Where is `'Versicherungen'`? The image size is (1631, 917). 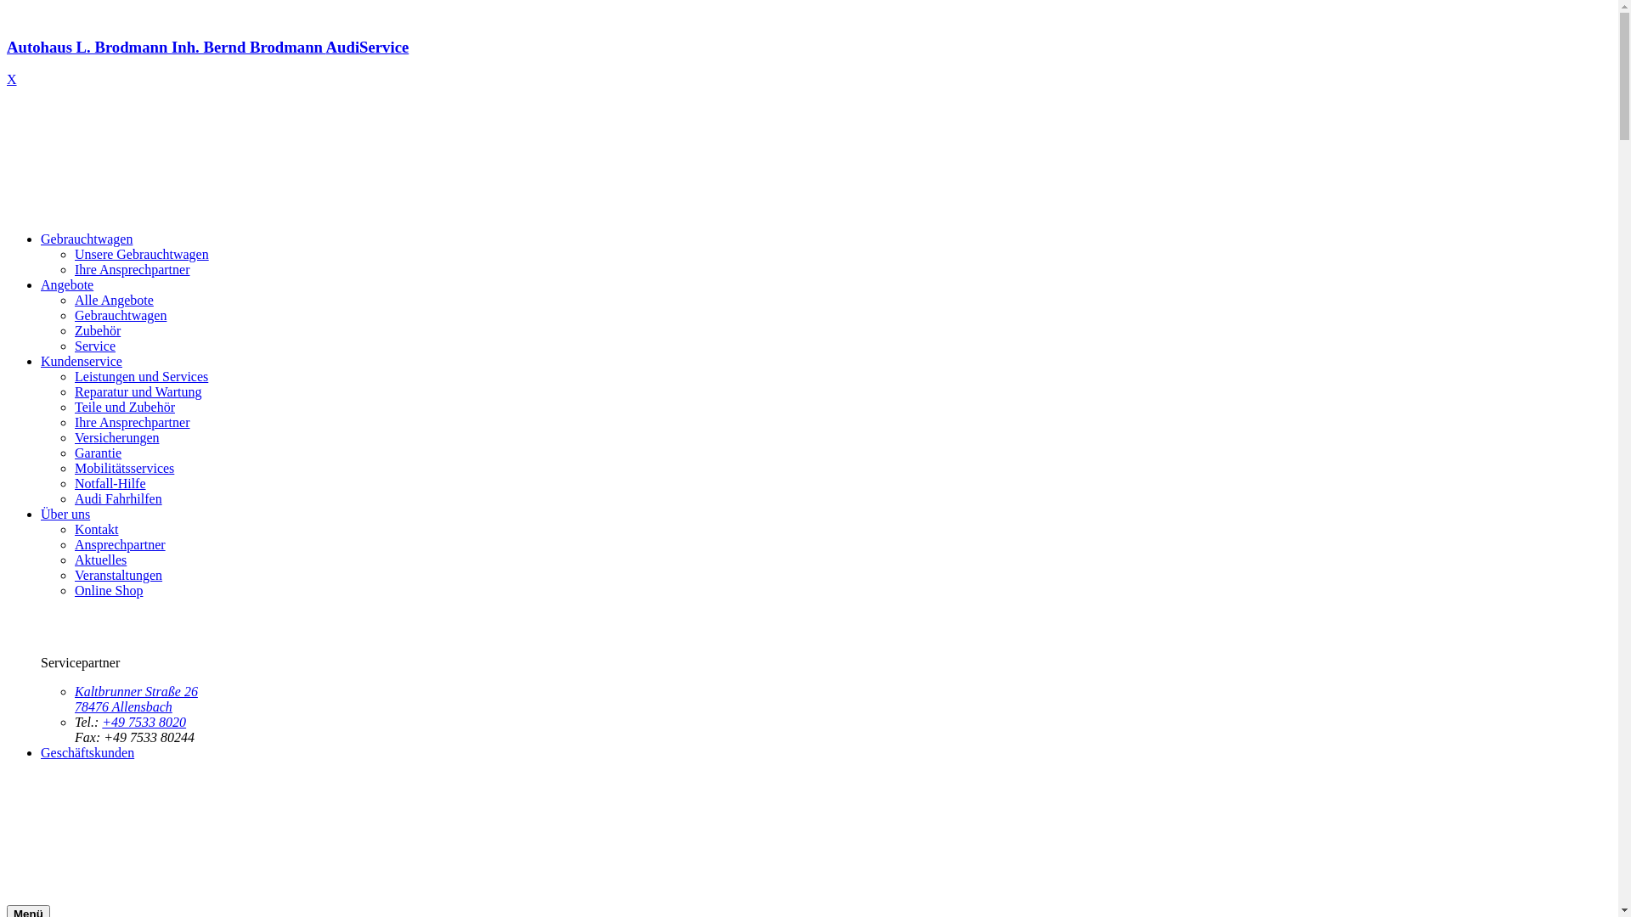
'Versicherungen' is located at coordinates (116, 436).